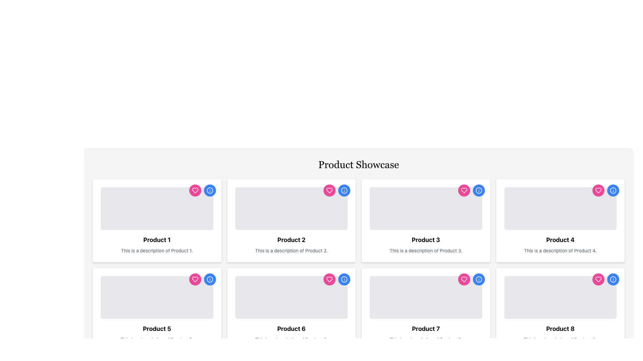 The image size is (643, 361). What do you see at coordinates (209, 279) in the screenshot?
I see `the circular graphical element with a blue outline and white interior, located in the upper-right section of the product card for 'Product 5'` at bounding box center [209, 279].